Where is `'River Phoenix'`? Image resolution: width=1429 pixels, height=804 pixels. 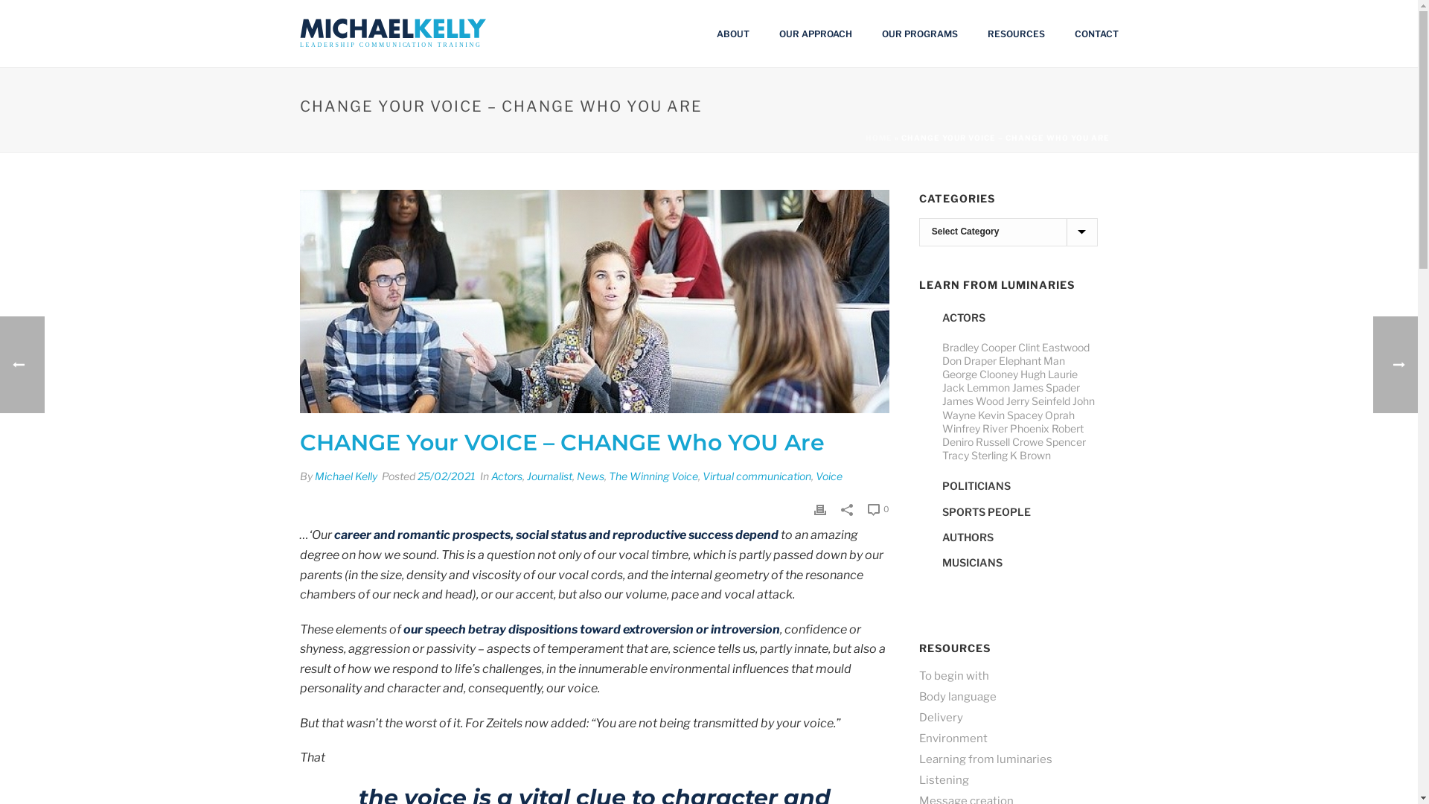
'River Phoenix' is located at coordinates (1014, 428).